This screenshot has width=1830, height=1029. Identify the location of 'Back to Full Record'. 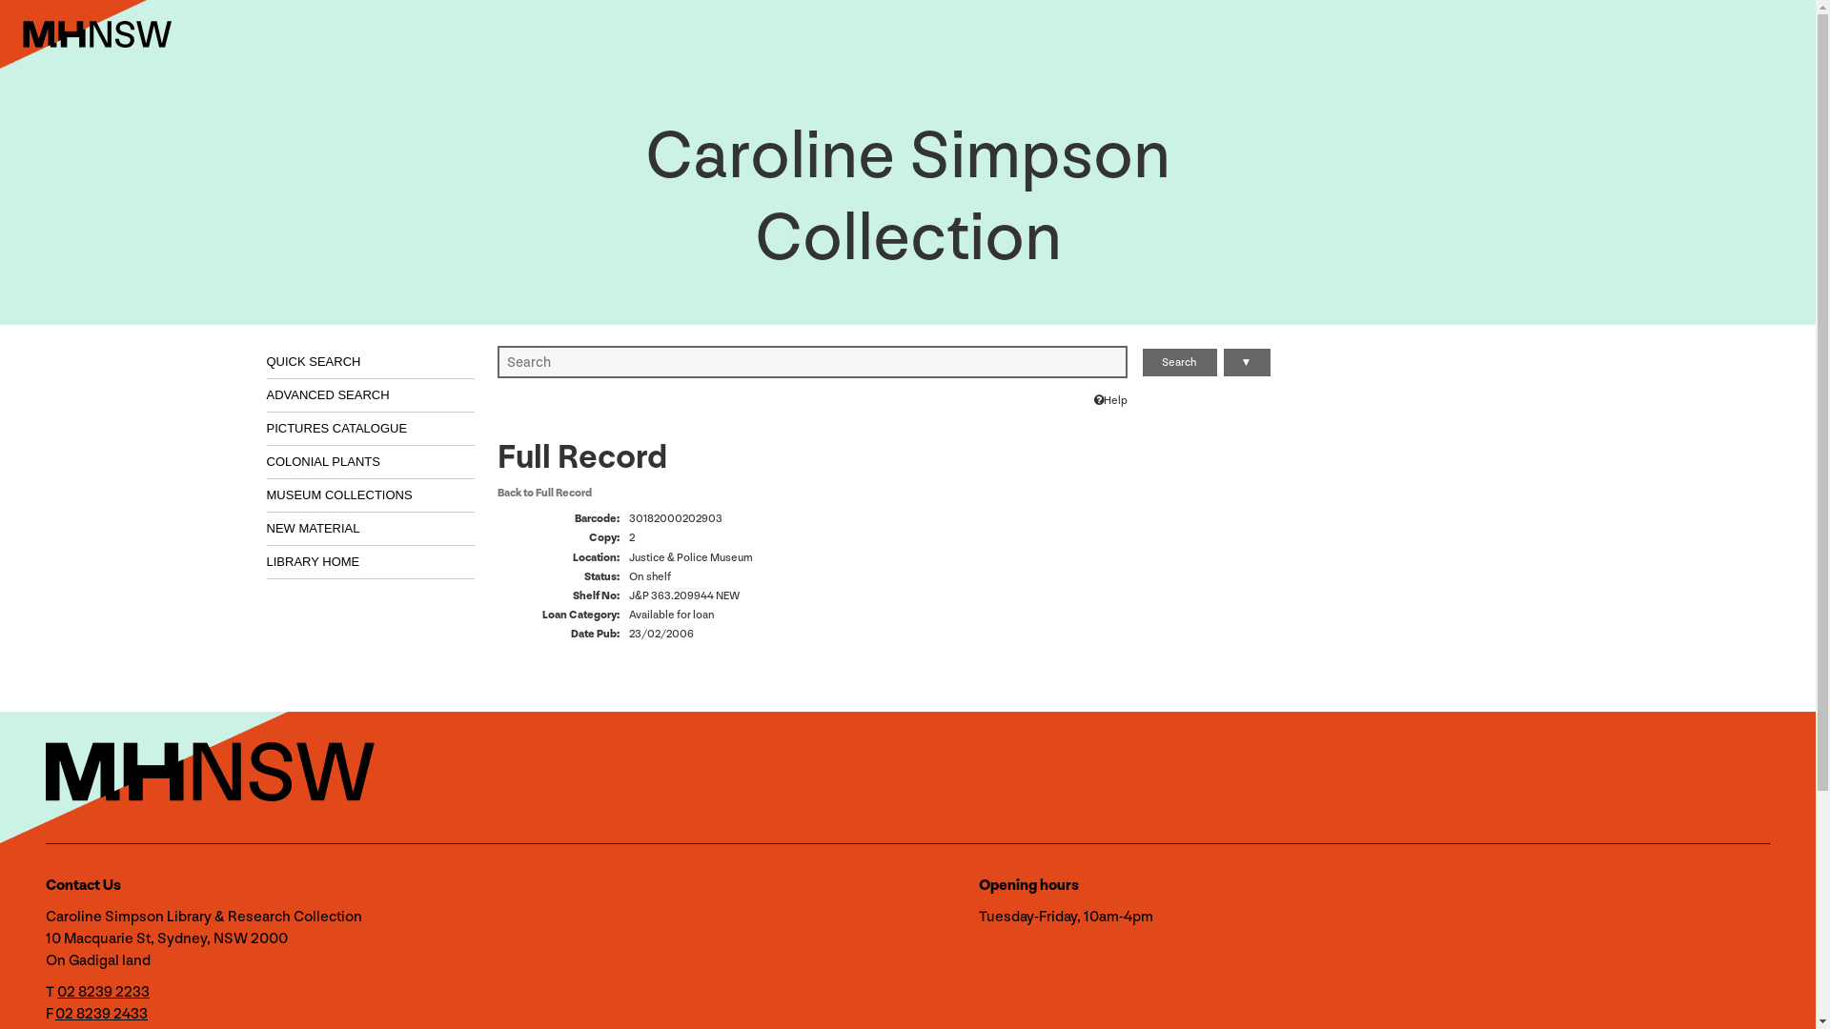
(543, 491).